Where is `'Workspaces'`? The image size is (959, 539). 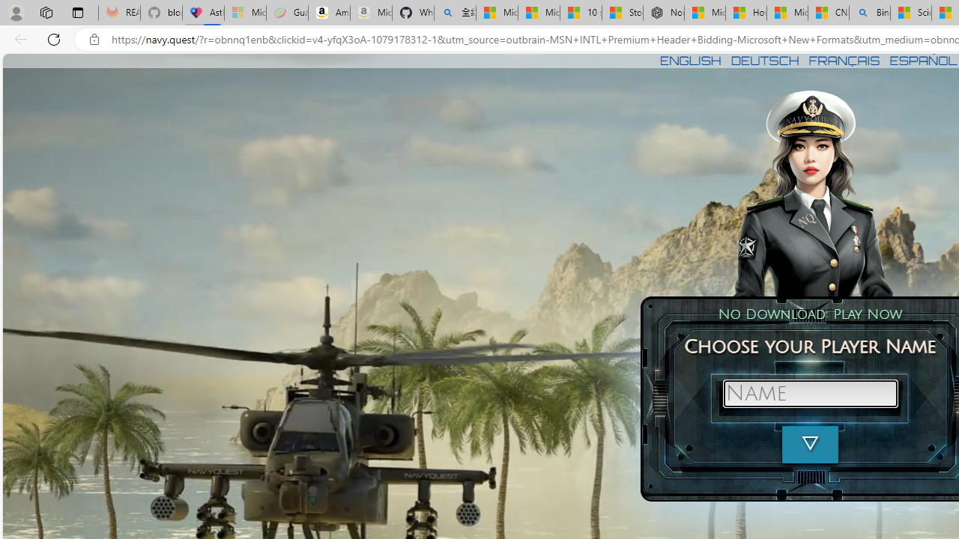
'Workspaces' is located at coordinates (46, 12).